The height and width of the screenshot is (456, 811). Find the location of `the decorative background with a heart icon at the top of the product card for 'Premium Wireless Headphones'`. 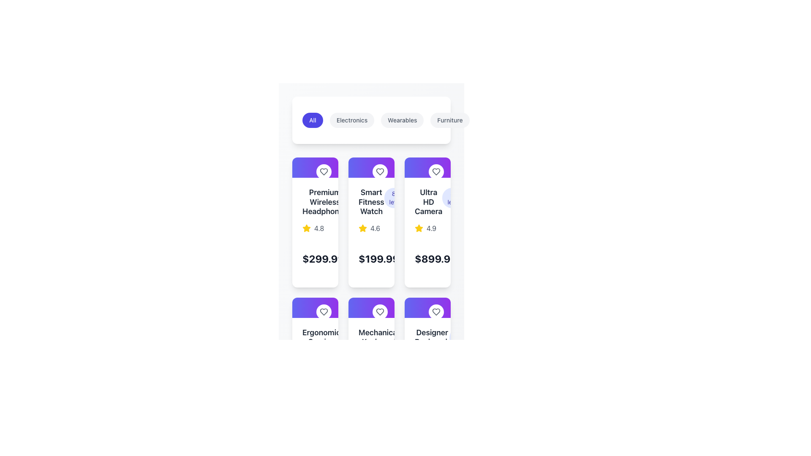

the decorative background with a heart icon at the top of the product card for 'Premium Wireless Headphones' is located at coordinates (315, 168).